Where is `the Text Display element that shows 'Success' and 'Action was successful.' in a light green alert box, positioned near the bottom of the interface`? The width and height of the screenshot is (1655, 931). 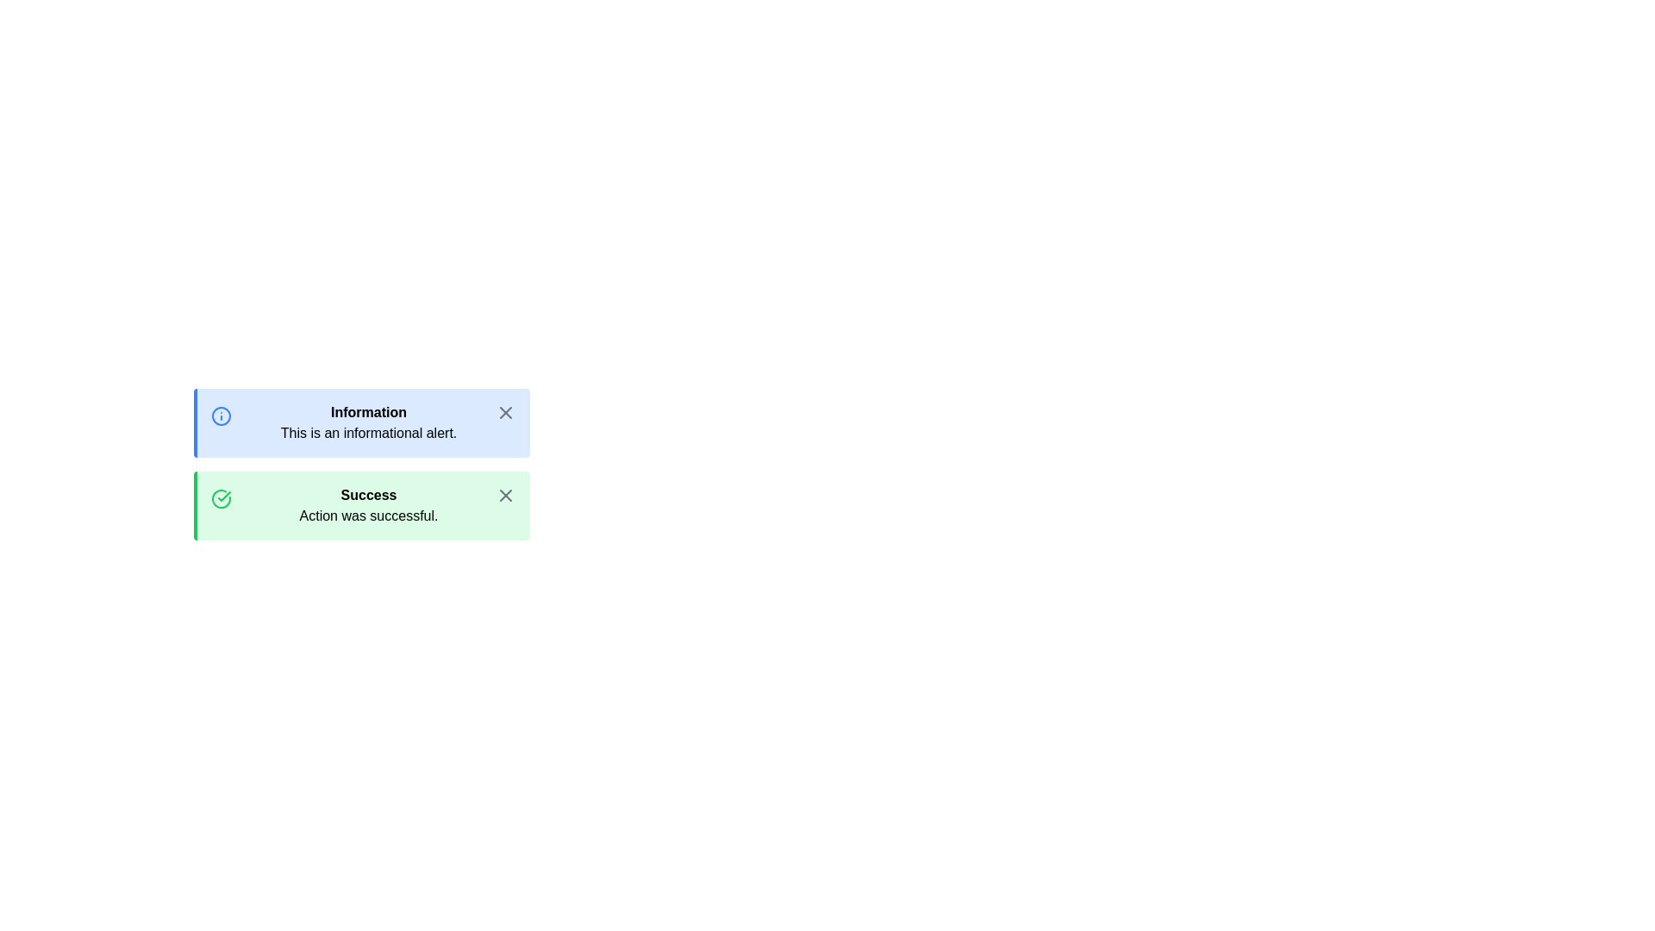
the Text Display element that shows 'Success' and 'Action was successful.' in a light green alert box, positioned near the bottom of the interface is located at coordinates (367, 504).